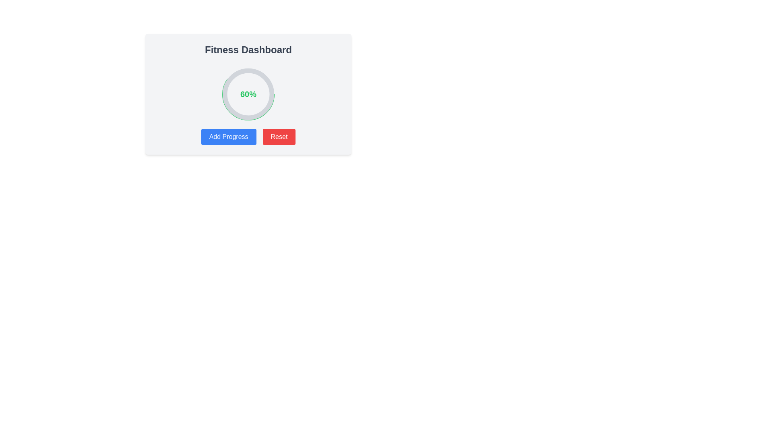  Describe the element at coordinates (248, 93) in the screenshot. I see `the circular graphical component that indicates 60% progress within the Fitness Dashboard interface` at that location.